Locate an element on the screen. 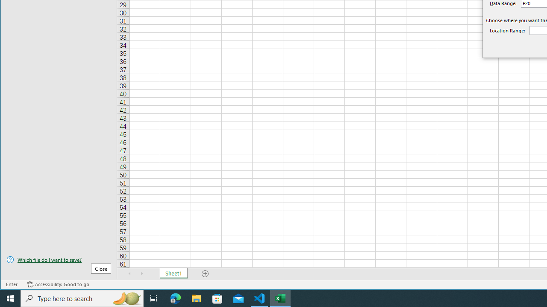  'Which file do I want to save?' is located at coordinates (58, 259).